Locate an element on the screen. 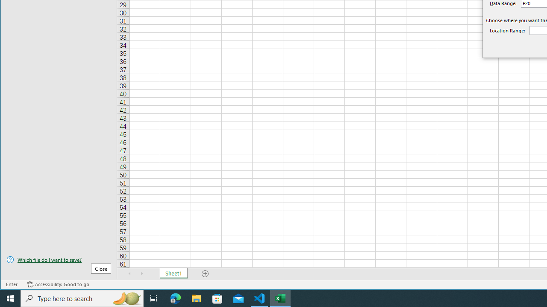  'Which file do I want to save?' is located at coordinates (58, 259).